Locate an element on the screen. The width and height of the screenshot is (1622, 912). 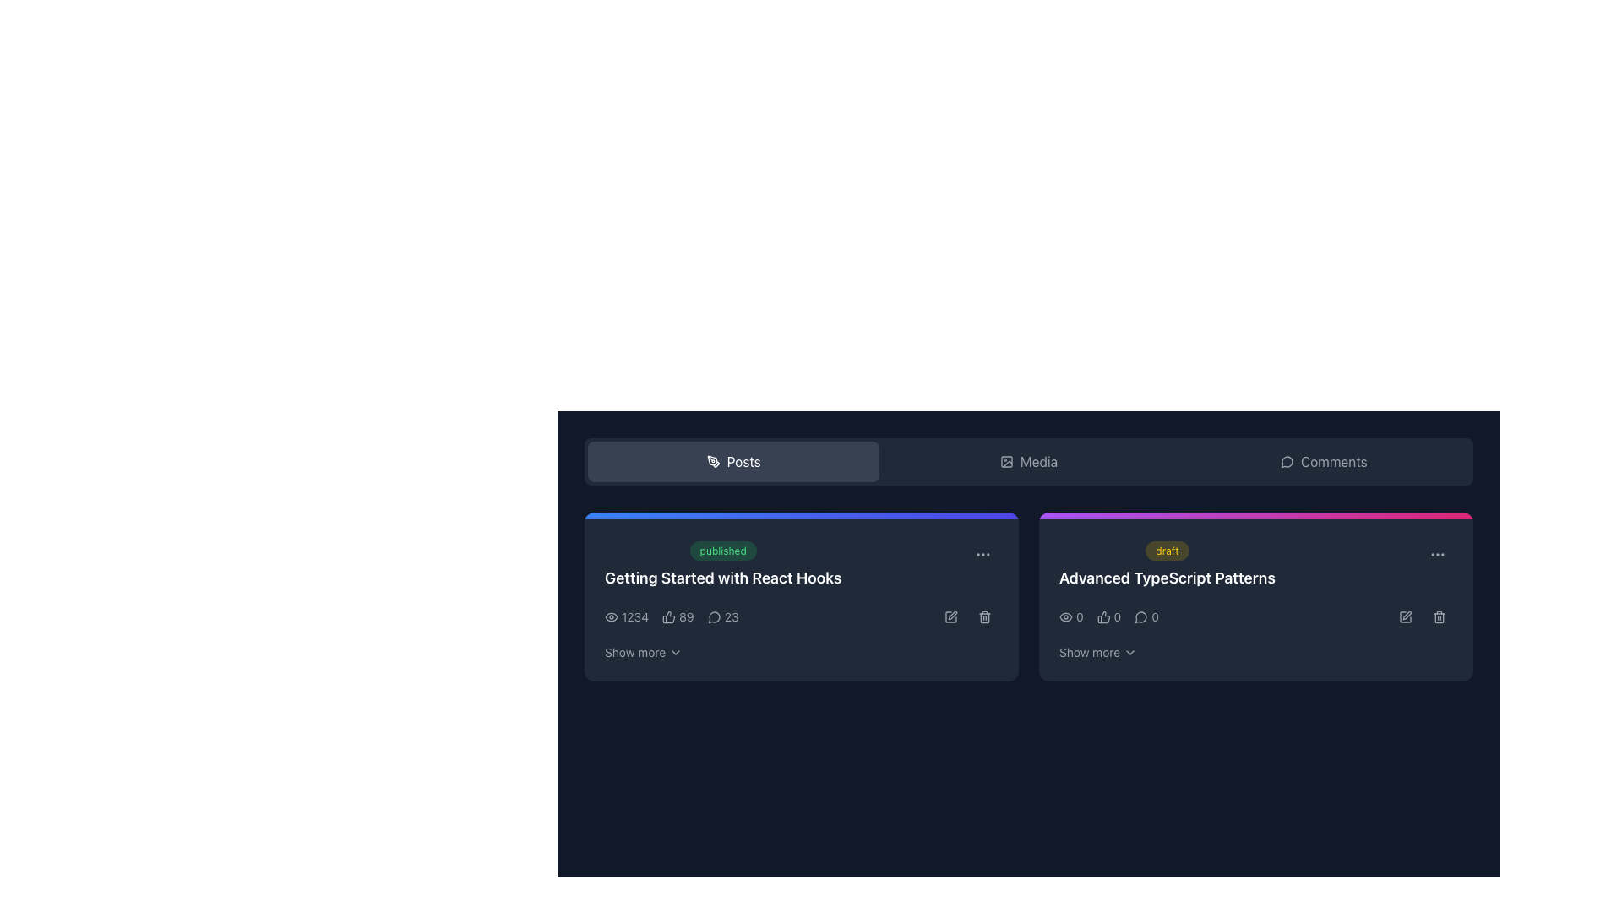
the small, gray, outlined eye icon located on the left-most side of the row containing the numbers '1234', which is part of the post statistics interface is located at coordinates (611, 617).